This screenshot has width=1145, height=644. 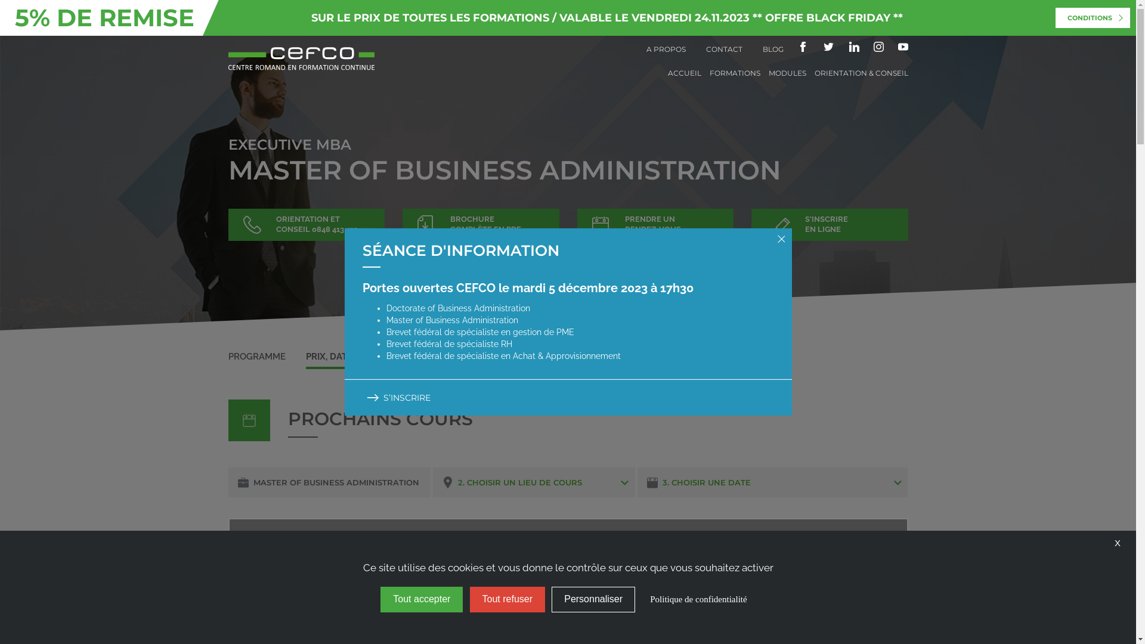 I want to click on 'Personnaliser', so click(x=593, y=599).